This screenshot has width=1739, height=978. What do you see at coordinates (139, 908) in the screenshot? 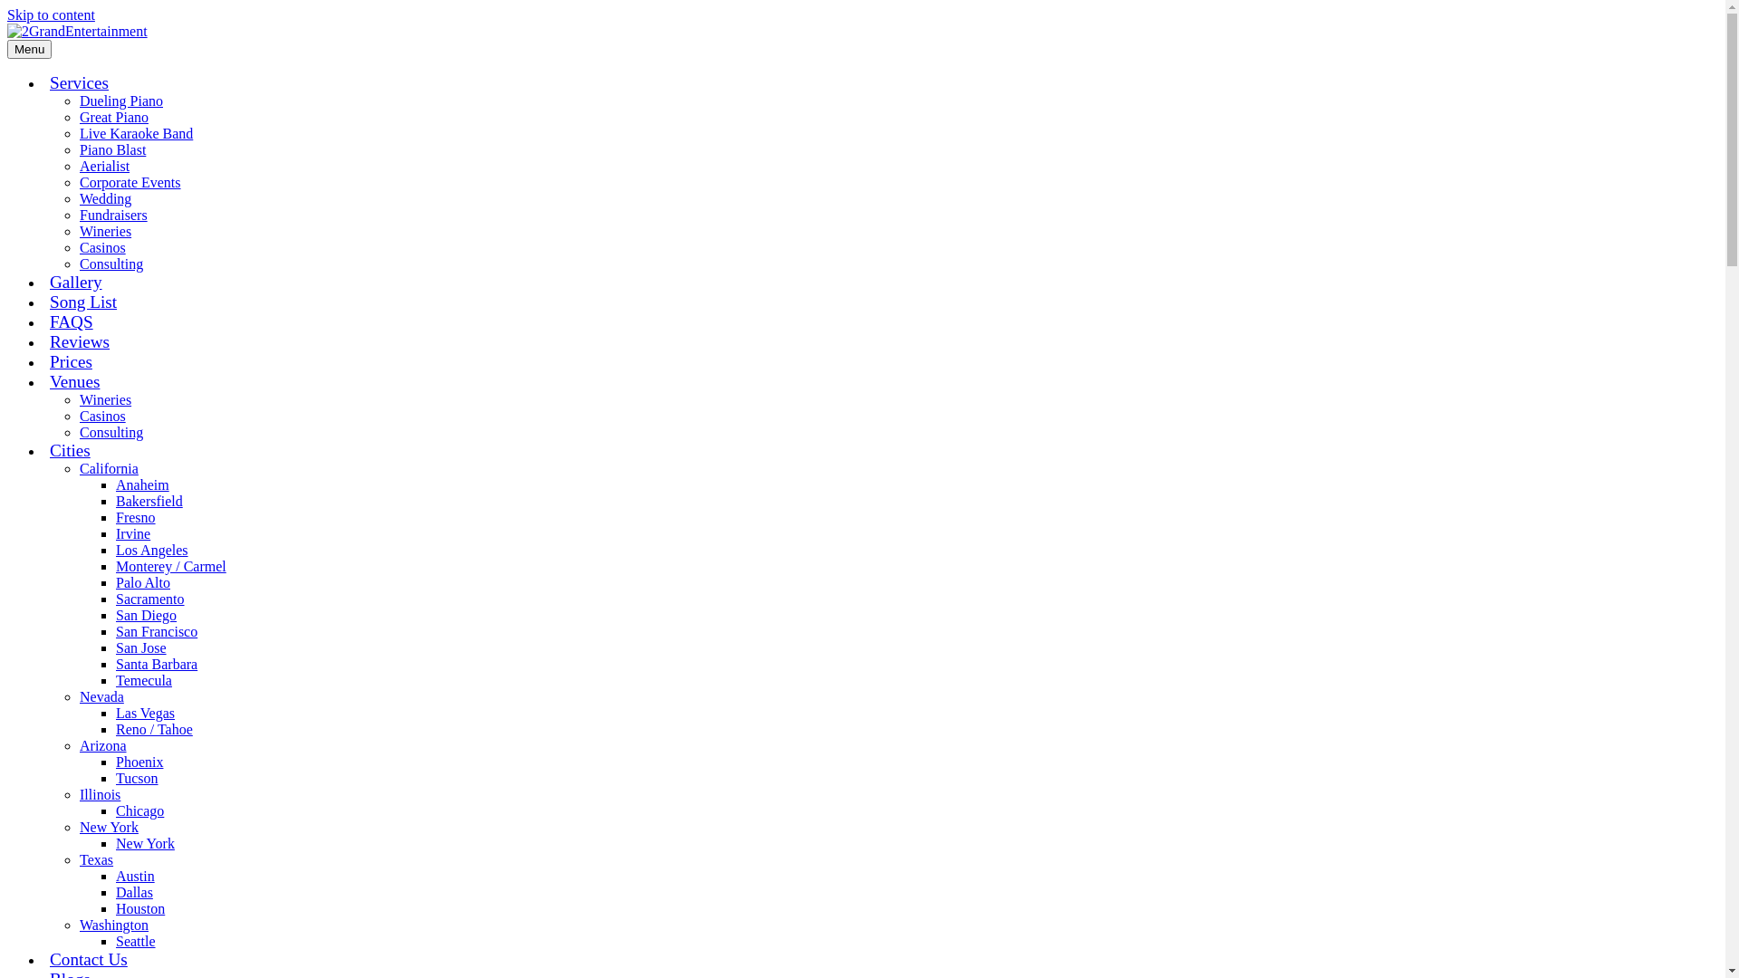
I see `'Houston'` at bounding box center [139, 908].